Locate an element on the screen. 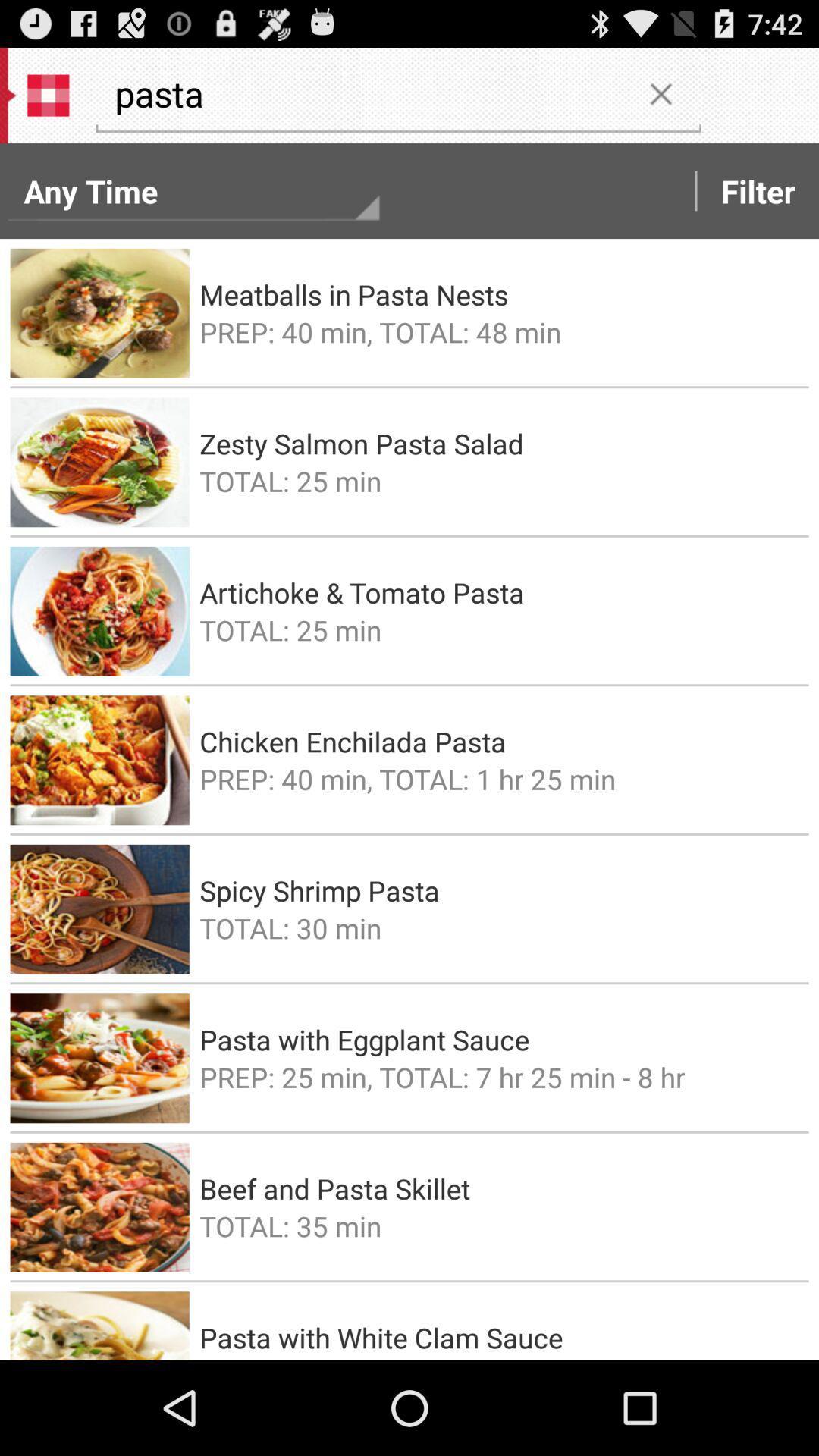 The height and width of the screenshot is (1456, 819). the app above the meatballs in pasta icon is located at coordinates (758, 190).